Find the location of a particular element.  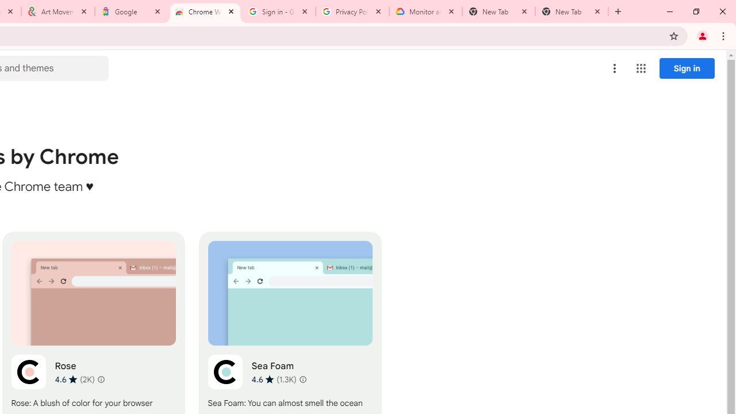

'Chrome Web Store - Color themes by Chrome' is located at coordinates (205, 11).